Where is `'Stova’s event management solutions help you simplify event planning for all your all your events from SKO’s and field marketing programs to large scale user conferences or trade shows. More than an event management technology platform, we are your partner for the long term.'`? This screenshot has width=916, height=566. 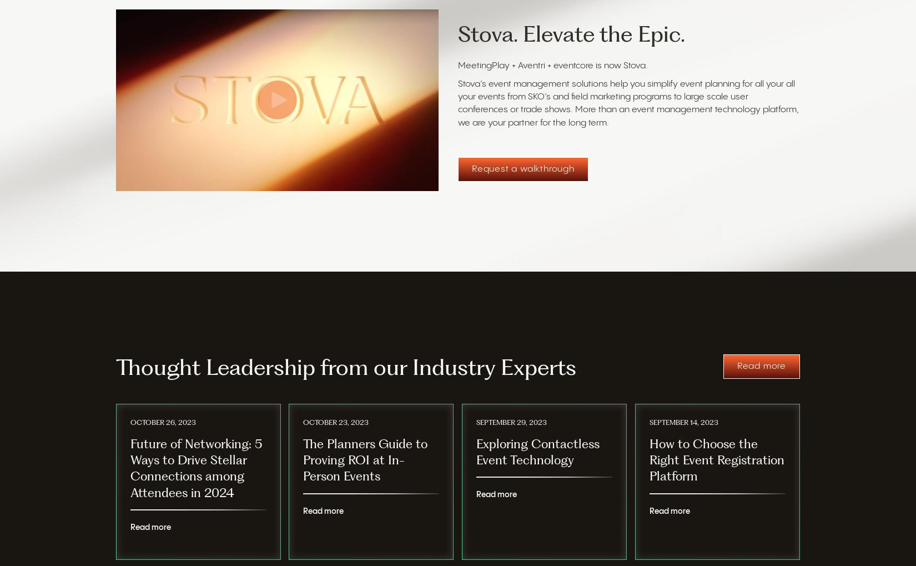 'Stova’s event management solutions help you simplify event planning for all your all your events from SKO’s and field marketing programs to large scale user conferences or trade shows. More than an event management technology platform, we are your partner for the long term.' is located at coordinates (458, 104).